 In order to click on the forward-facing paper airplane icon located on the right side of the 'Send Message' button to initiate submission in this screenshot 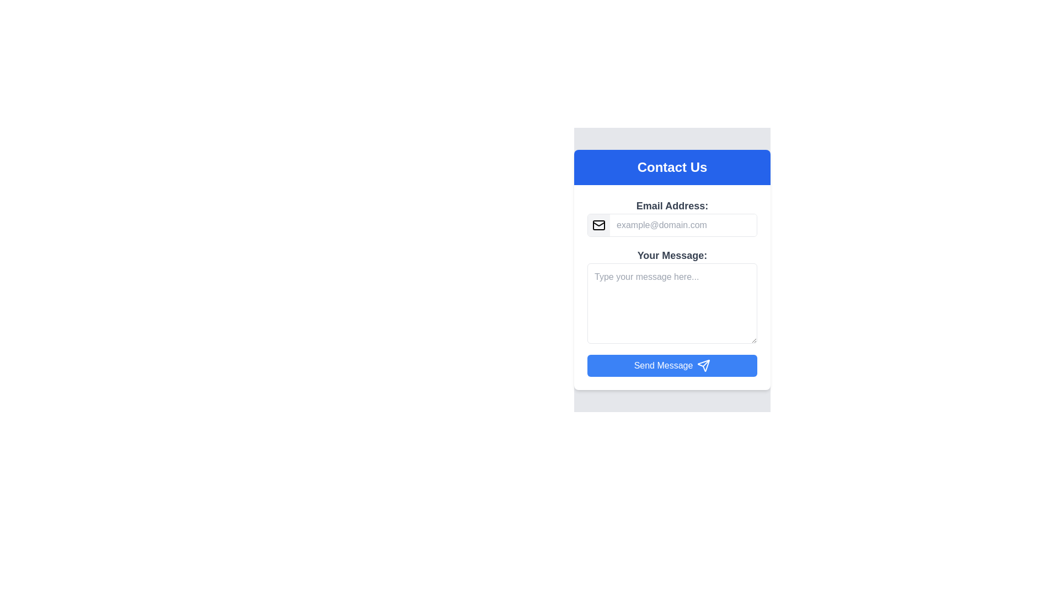, I will do `click(703, 365)`.